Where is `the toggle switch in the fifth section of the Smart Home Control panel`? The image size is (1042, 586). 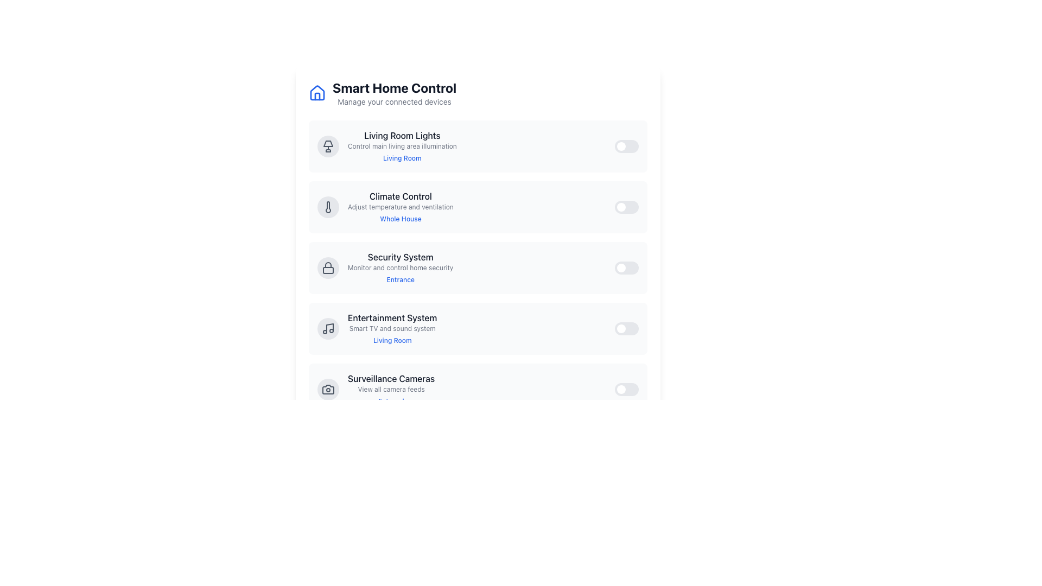 the toggle switch in the fifth section of the Smart Home Control panel is located at coordinates (478, 388).